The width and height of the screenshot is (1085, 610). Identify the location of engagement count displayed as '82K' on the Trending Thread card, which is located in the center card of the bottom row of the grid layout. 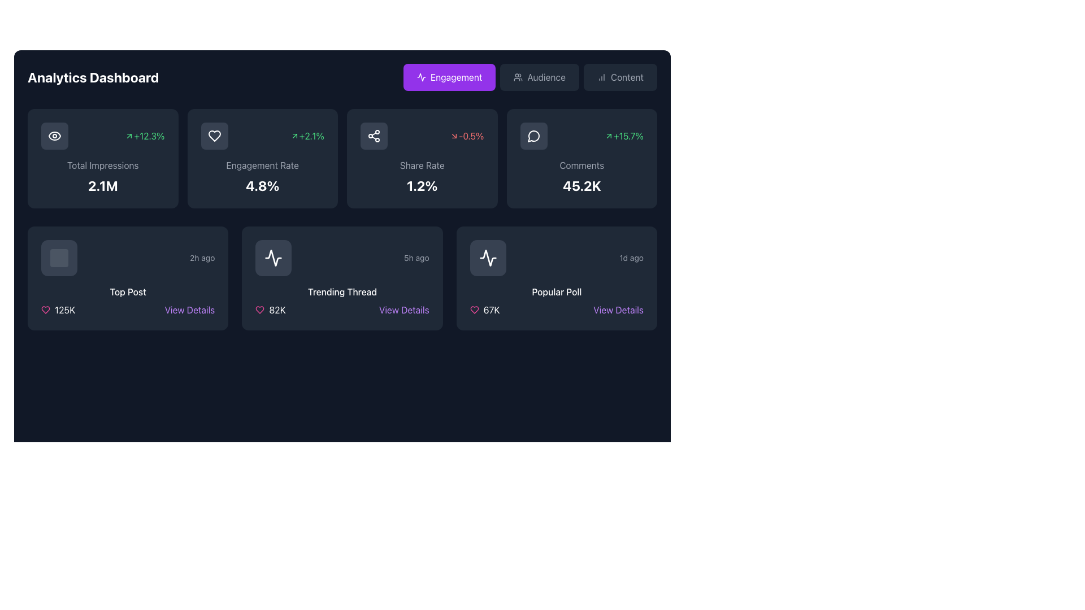
(341, 310).